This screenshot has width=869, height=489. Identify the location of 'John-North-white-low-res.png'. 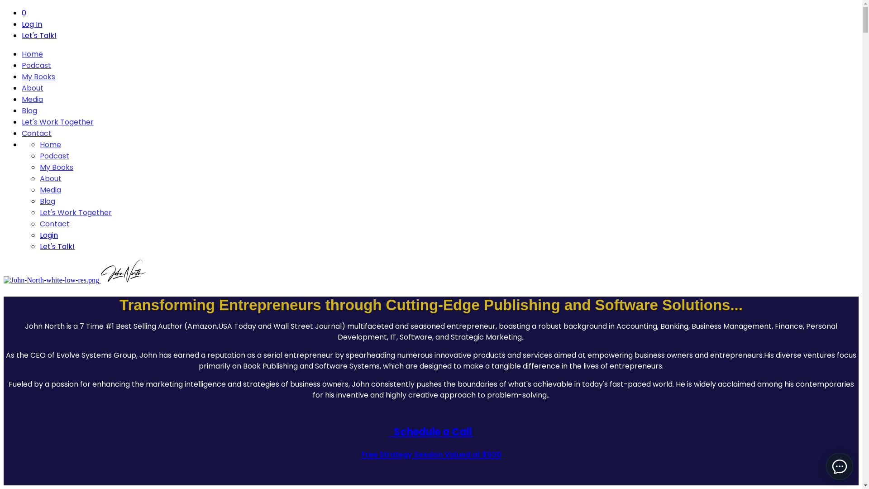
(51, 279).